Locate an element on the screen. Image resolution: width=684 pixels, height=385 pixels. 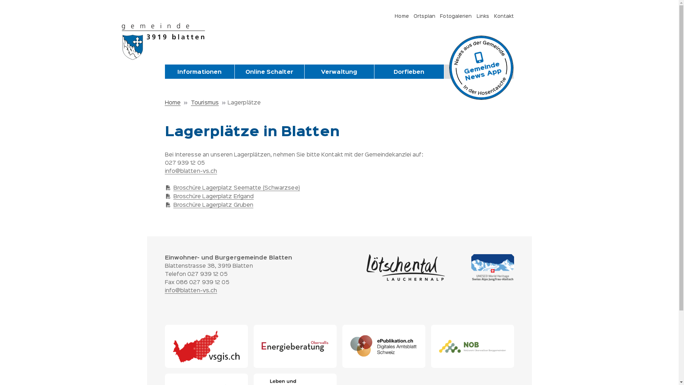
'Ortsplan' is located at coordinates (424, 16).